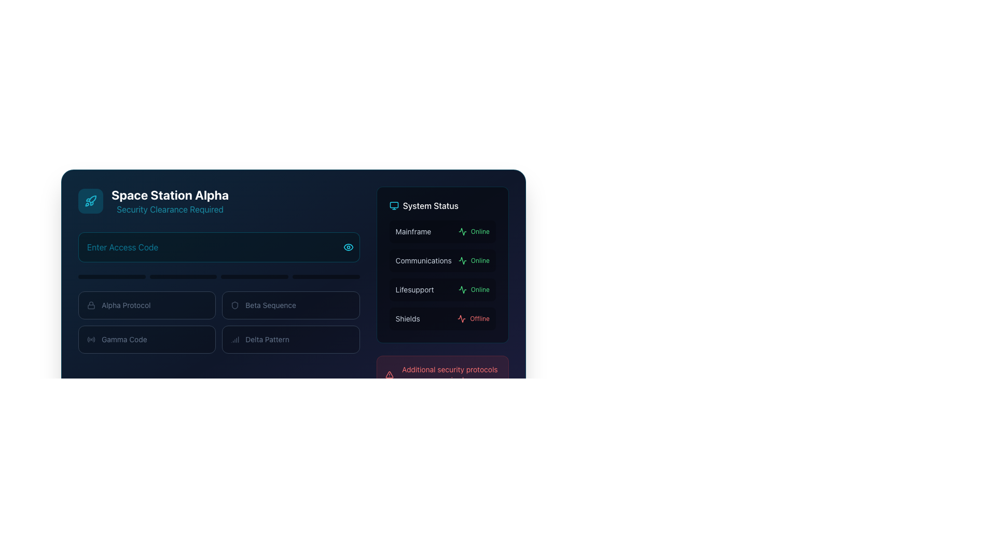  I want to click on the 'System Status' header text label with an aligned icon located in the top-right corner of the interface, so click(442, 206).